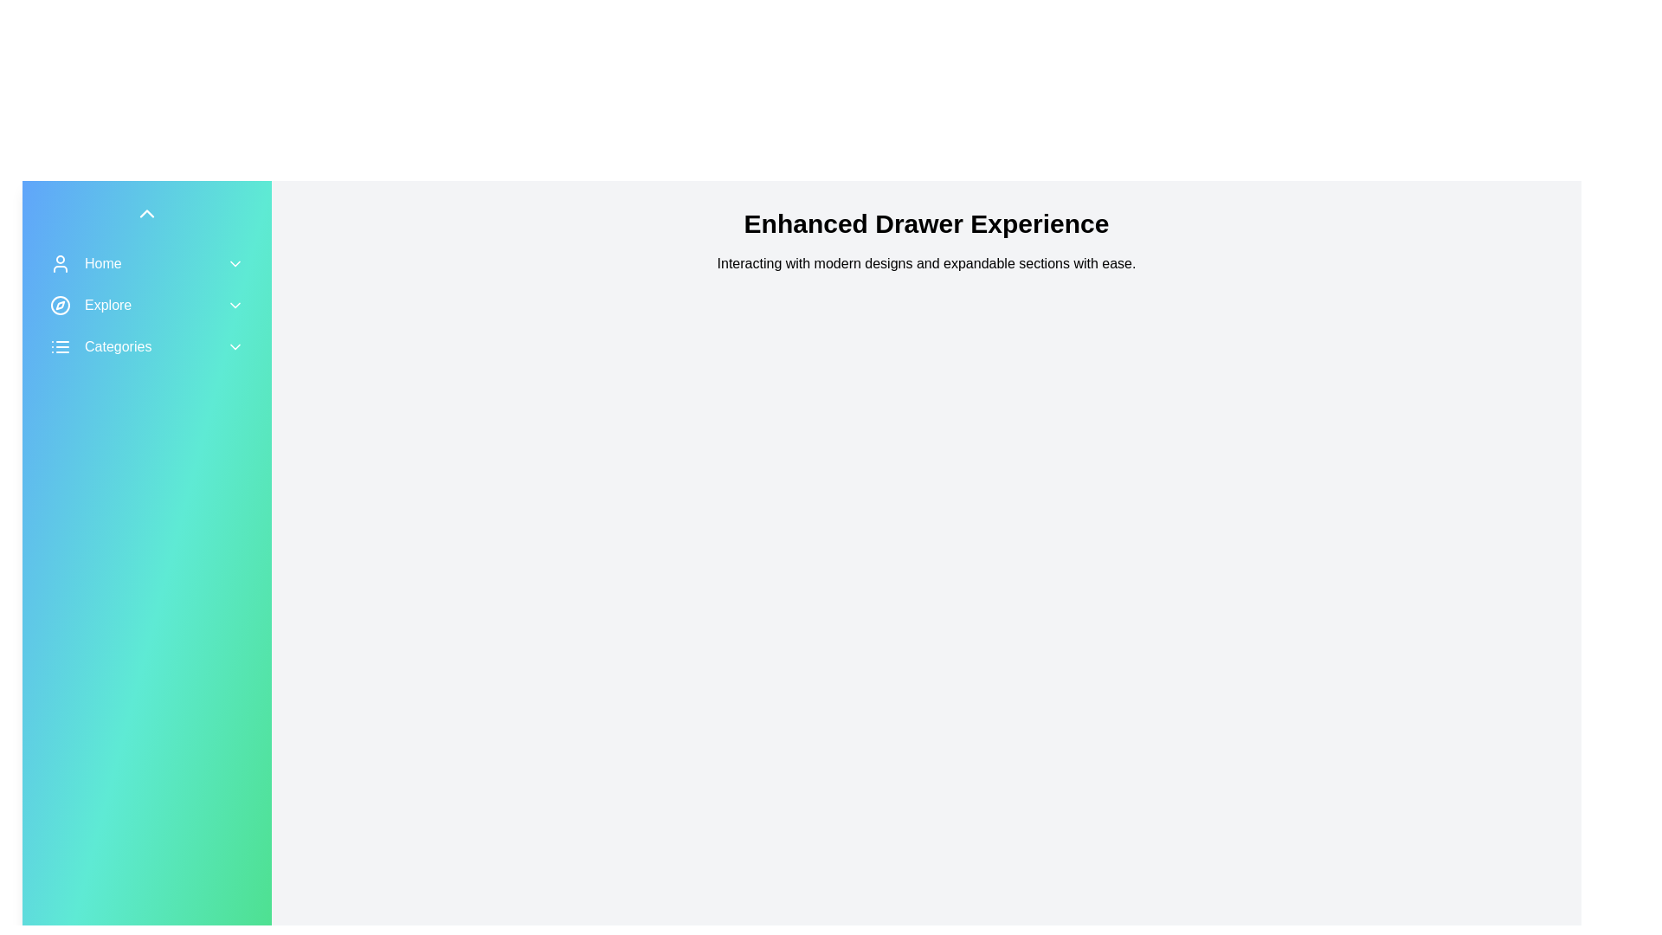 This screenshot has height=935, width=1662. Describe the element at coordinates (146, 347) in the screenshot. I see `the 'Type A' option under the 'Categories' menu` at that location.